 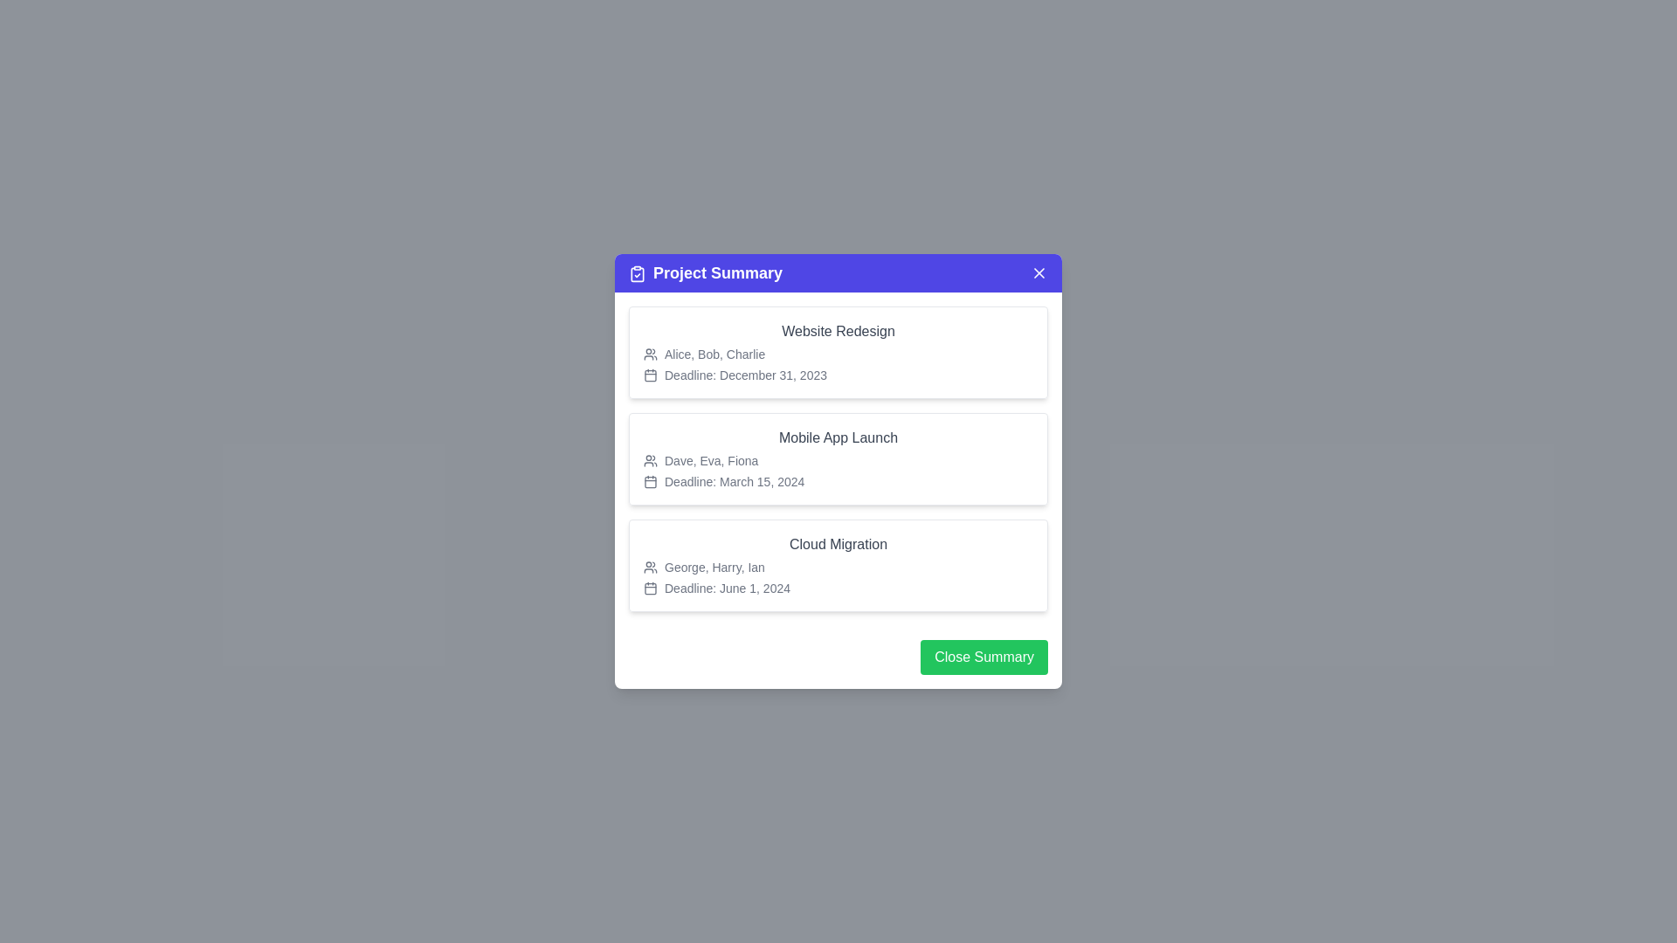 What do you see at coordinates (838, 353) in the screenshot?
I see `the project card for Website Redesign to read its details` at bounding box center [838, 353].